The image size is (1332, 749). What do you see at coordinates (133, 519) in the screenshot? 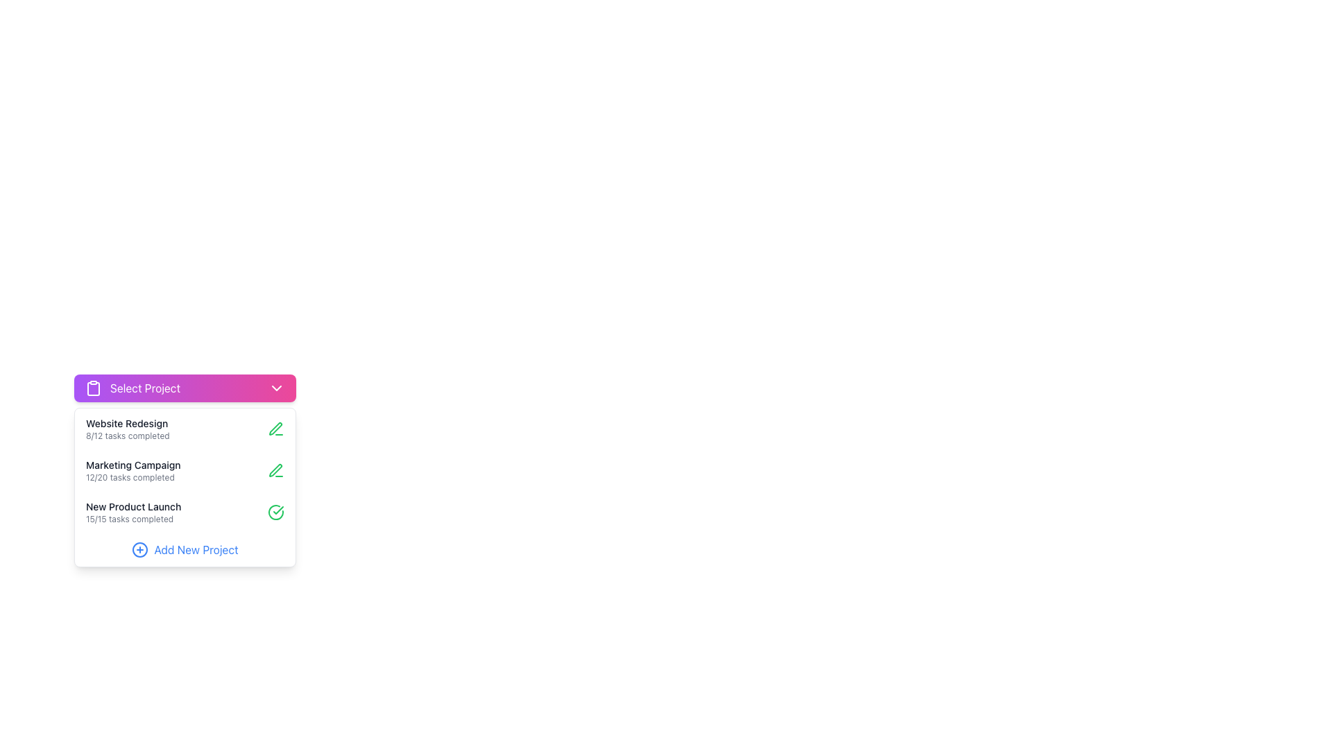
I see `the completion status label that indicates all 15 tasks are completed, positioned below the 'New Product Launch' label in the dropdown menu` at bounding box center [133, 519].